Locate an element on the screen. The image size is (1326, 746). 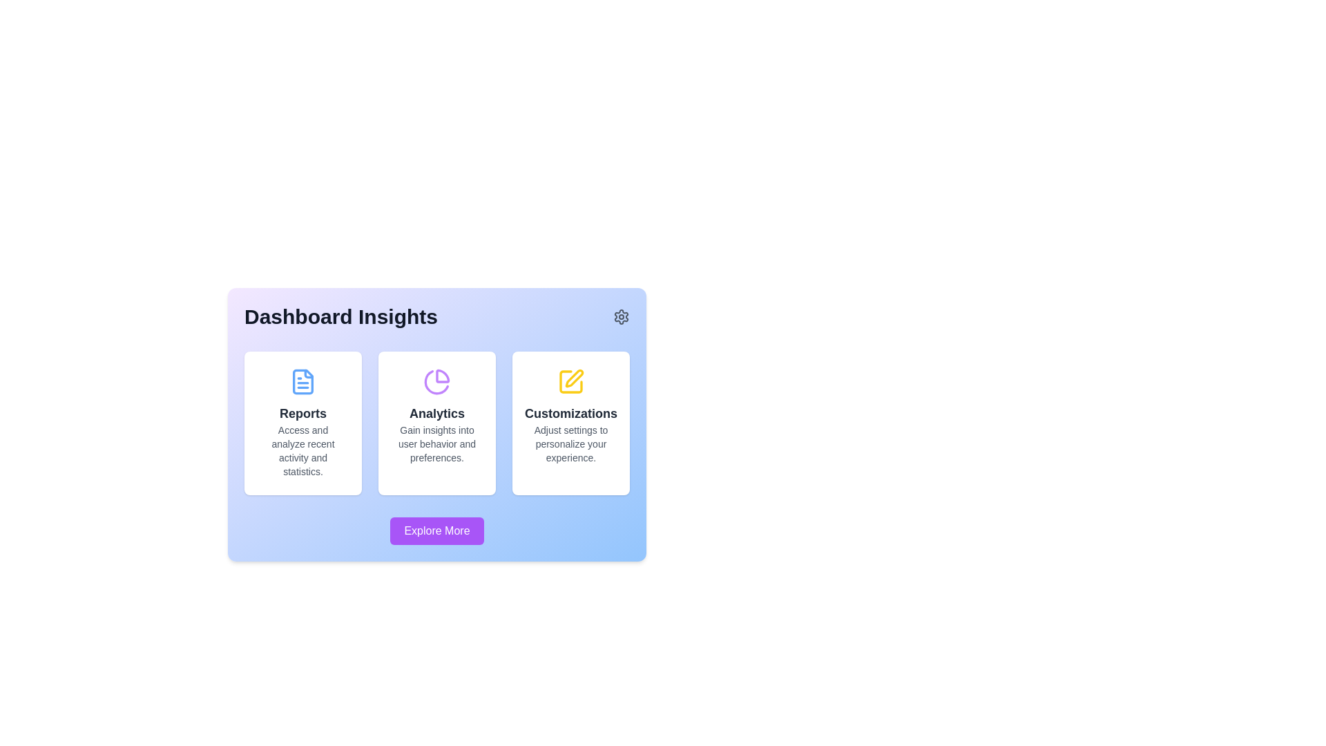
the pie chart icon styled with purple lines located at the top of the 'Analytics' card by moving the cursor to its center is located at coordinates (436, 381).